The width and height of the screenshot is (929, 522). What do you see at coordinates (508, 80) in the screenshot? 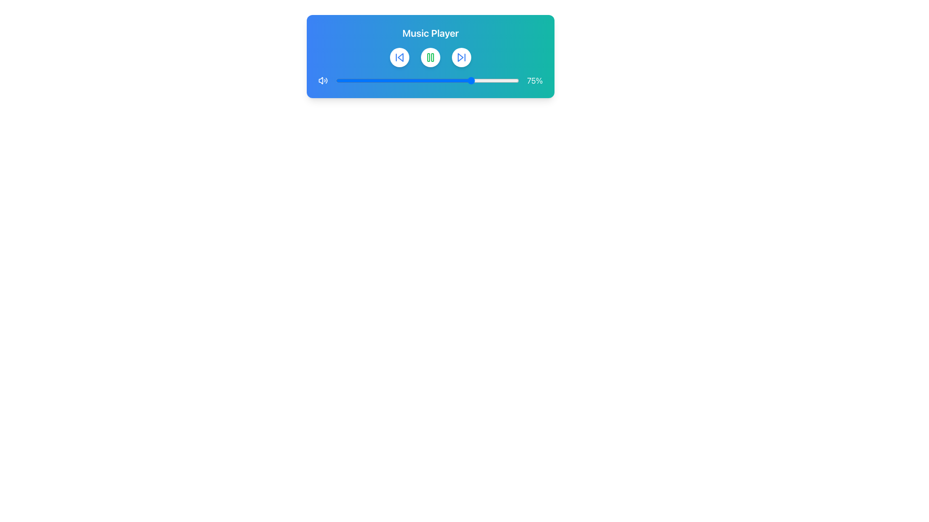
I see `the volume level` at bounding box center [508, 80].